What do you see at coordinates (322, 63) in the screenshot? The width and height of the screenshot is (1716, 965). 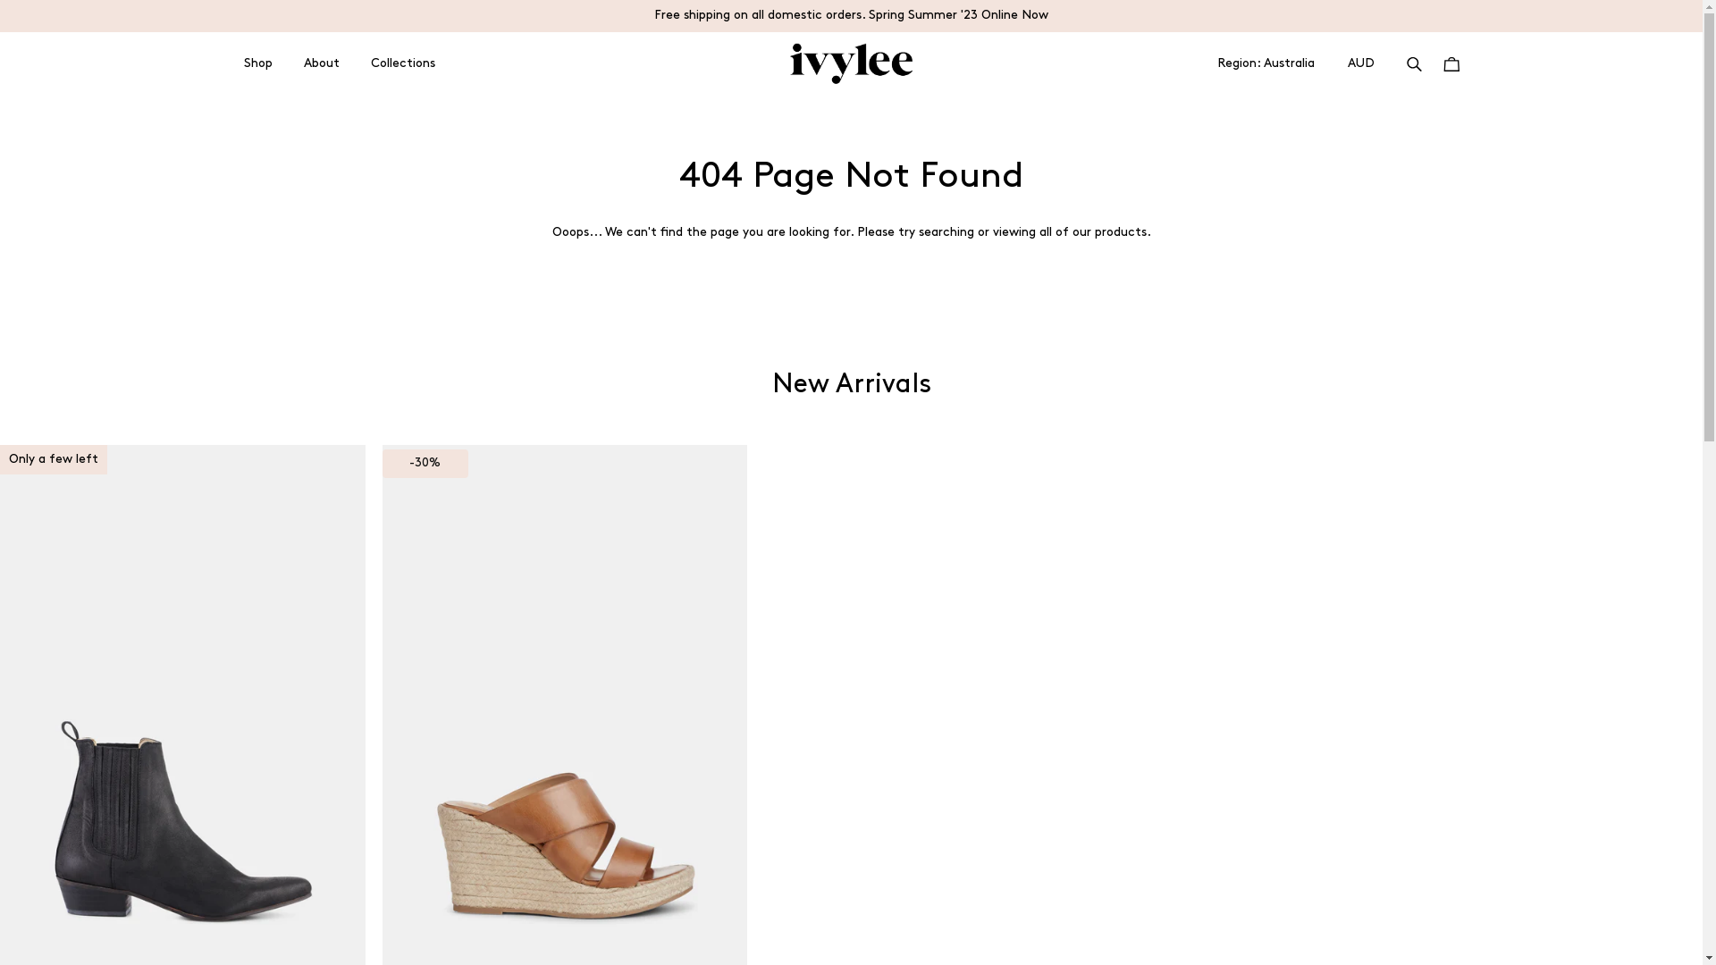 I see `'About'` at bounding box center [322, 63].